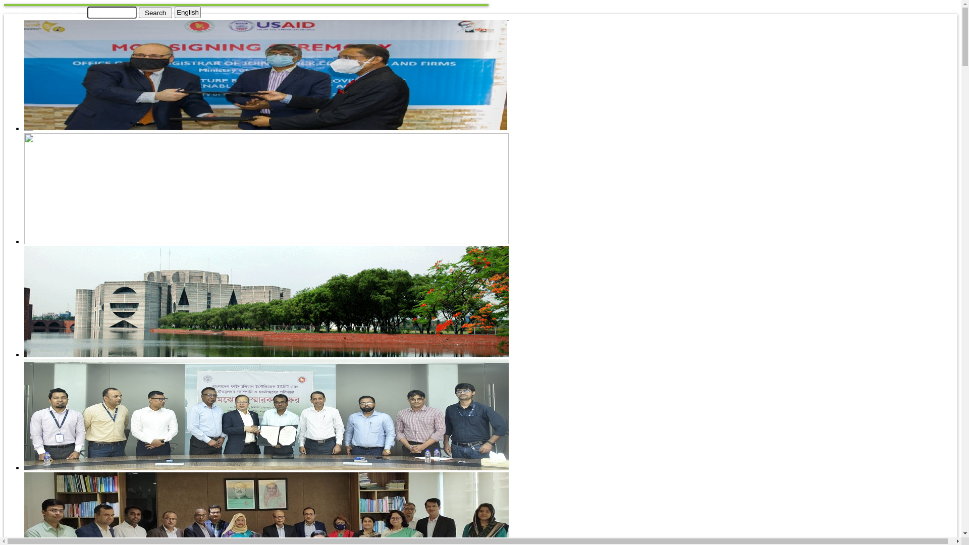  I want to click on 'English', so click(188, 12).